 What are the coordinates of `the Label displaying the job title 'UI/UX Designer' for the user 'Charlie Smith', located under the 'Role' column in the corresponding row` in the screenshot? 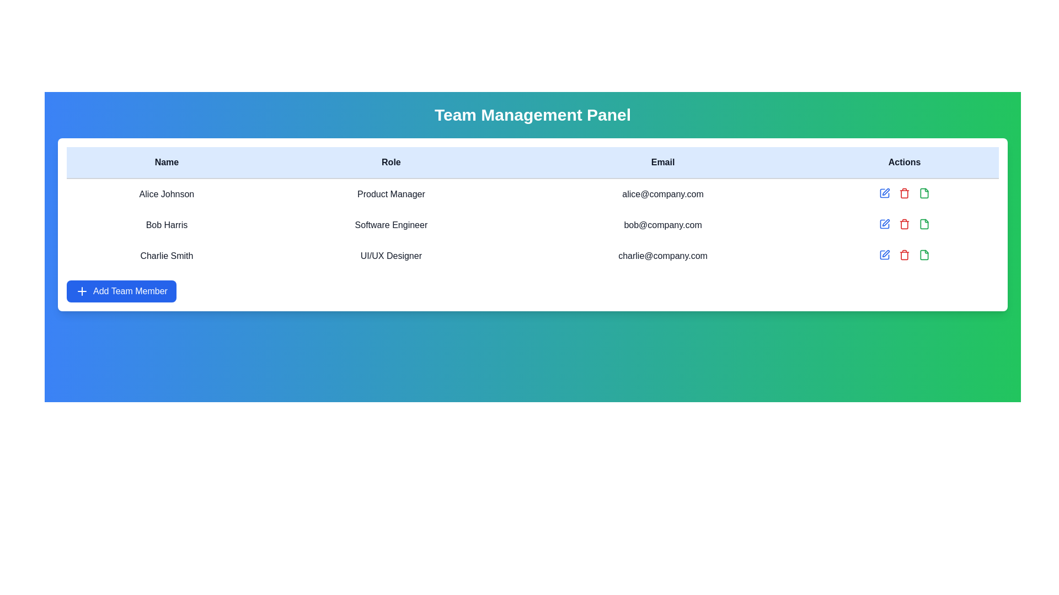 It's located at (391, 256).